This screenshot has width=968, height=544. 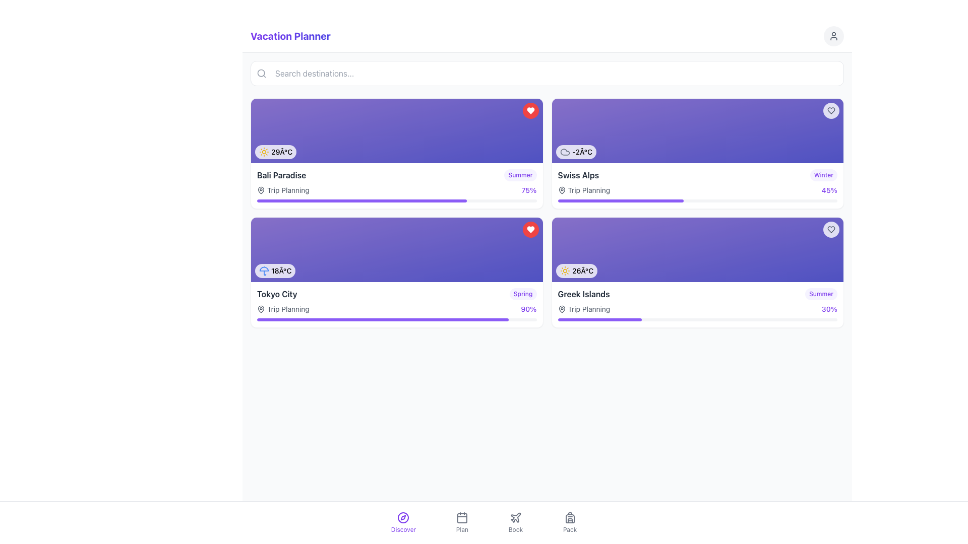 What do you see at coordinates (361, 200) in the screenshot?
I see `the Progress Bar Segment that represents the 75% completion level for the 'Bali Paradise' card, located below the card in the top-left corner of the main content area` at bounding box center [361, 200].